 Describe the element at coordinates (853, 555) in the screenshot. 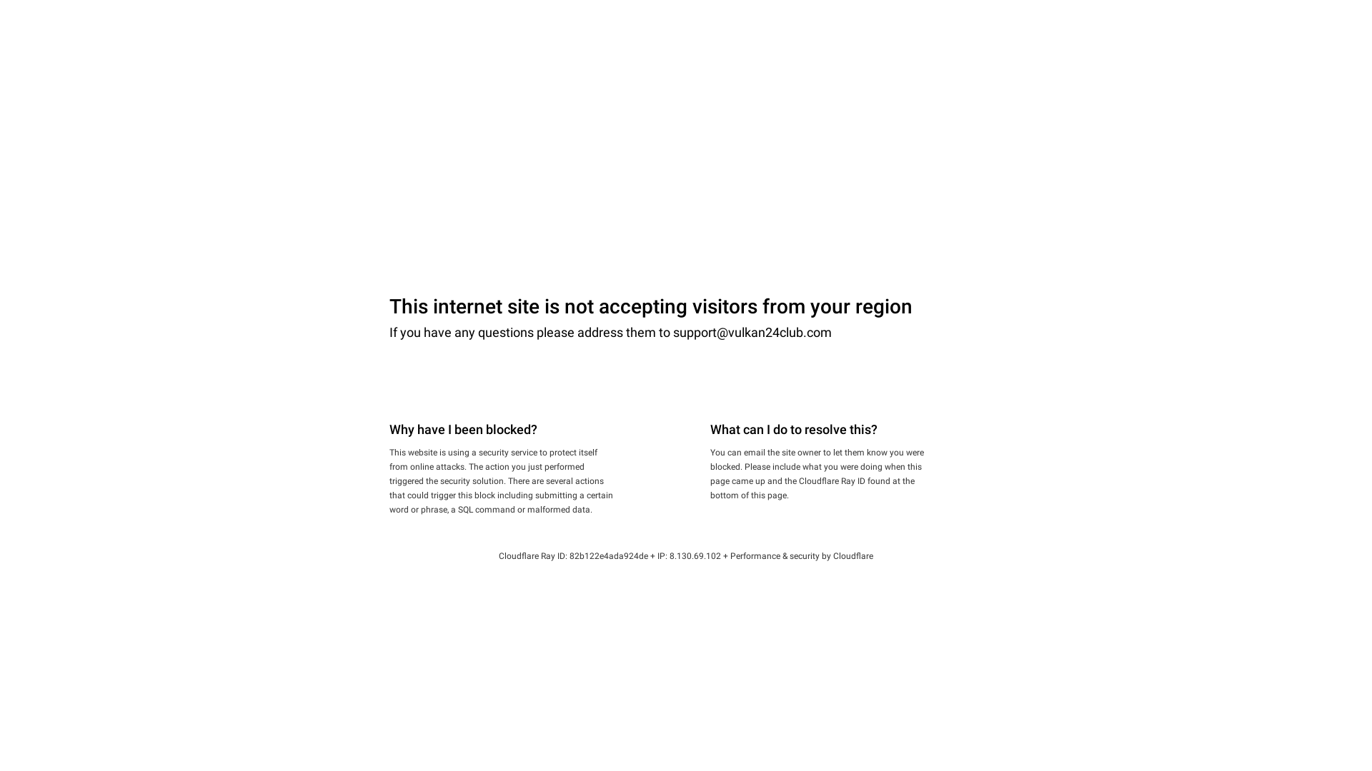

I see `'Cloudflare'` at that location.